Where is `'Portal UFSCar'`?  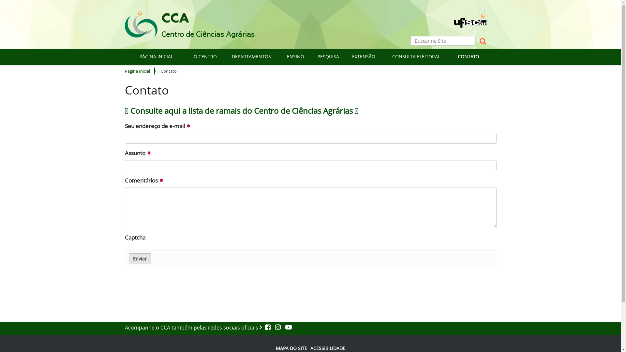
'Portal UFSCar' is located at coordinates (470, 16).